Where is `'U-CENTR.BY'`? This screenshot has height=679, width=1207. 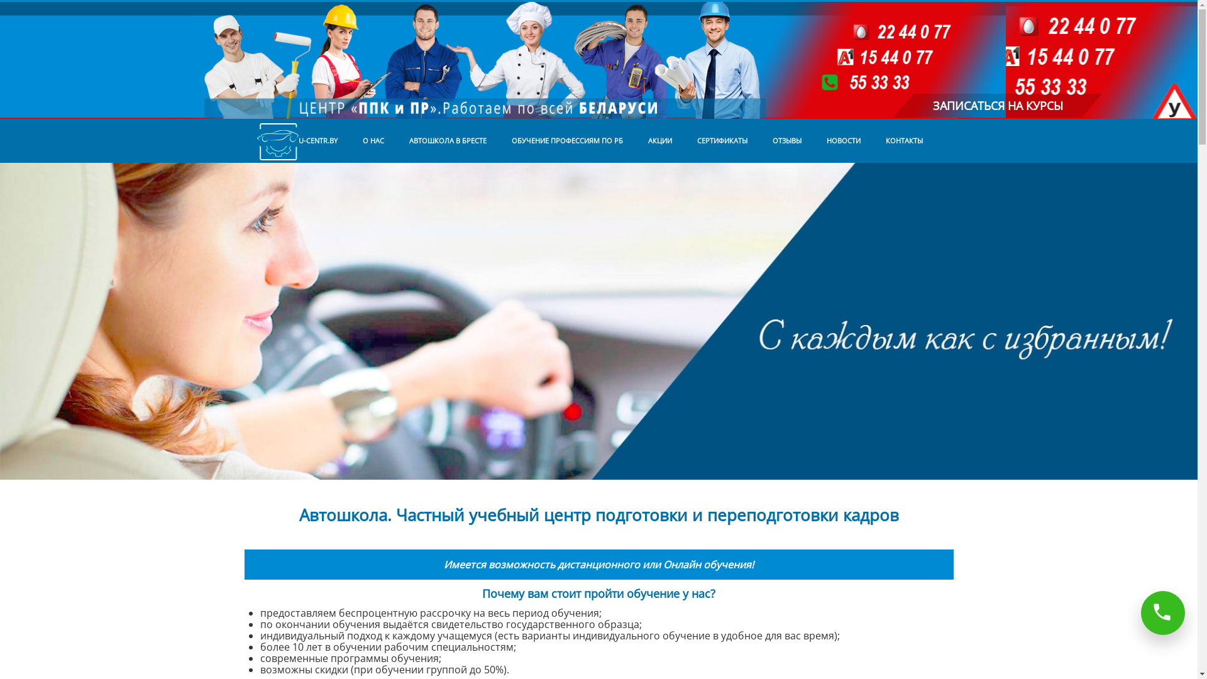 'U-CENTR.BY' is located at coordinates (244, 140).